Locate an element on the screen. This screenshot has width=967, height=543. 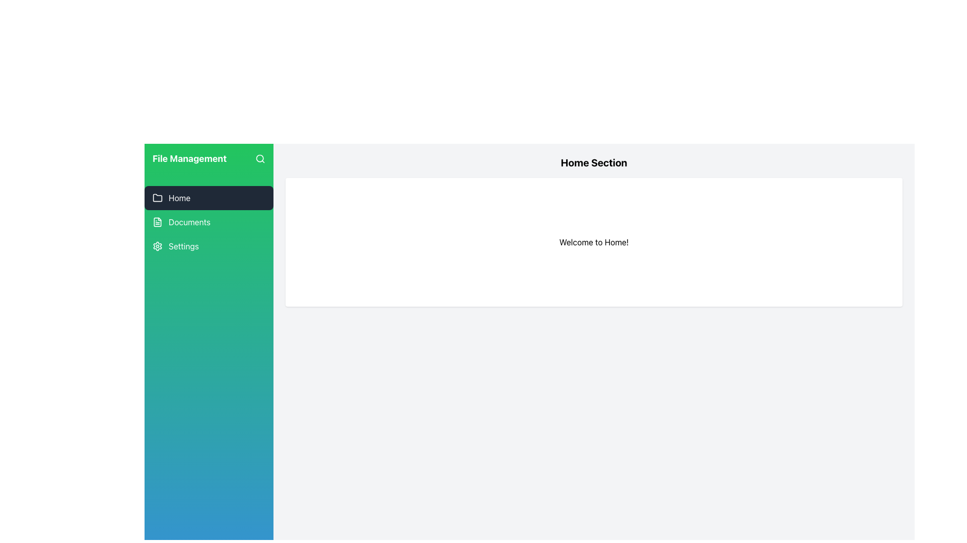
the small document icon located to the left of the 'Documents' text in the vertical navigation bar is located at coordinates (157, 222).